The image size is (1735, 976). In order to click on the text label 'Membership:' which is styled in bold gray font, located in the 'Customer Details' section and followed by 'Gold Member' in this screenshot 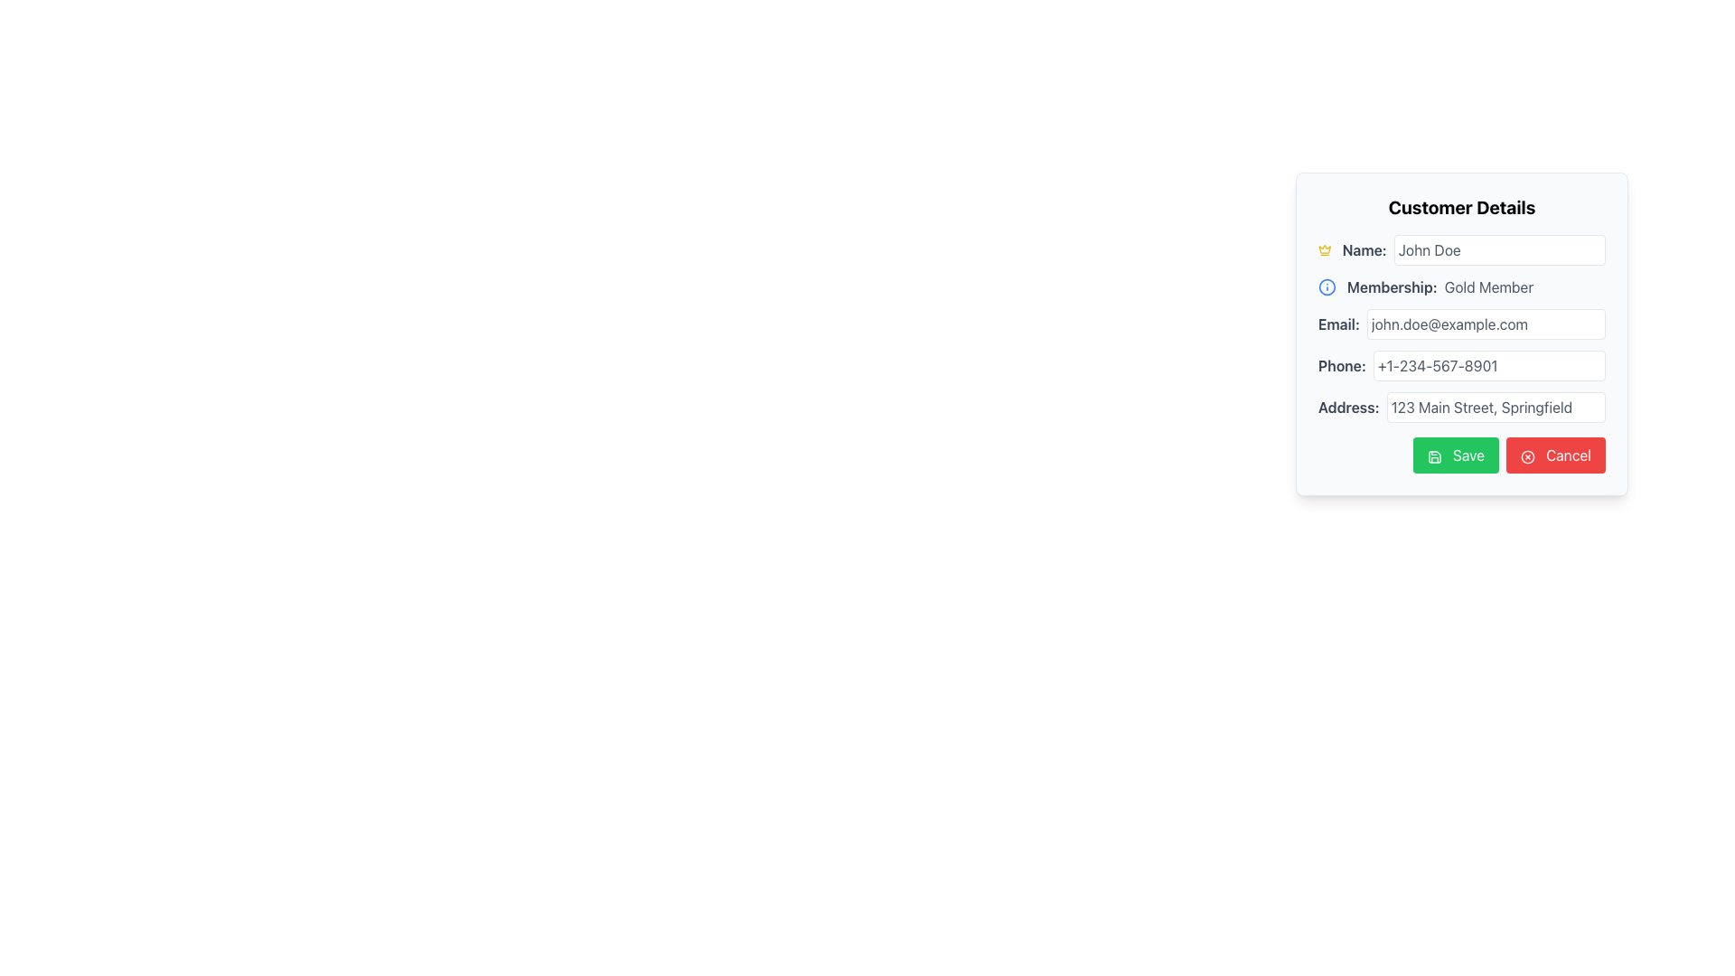, I will do `click(1391, 286)`.